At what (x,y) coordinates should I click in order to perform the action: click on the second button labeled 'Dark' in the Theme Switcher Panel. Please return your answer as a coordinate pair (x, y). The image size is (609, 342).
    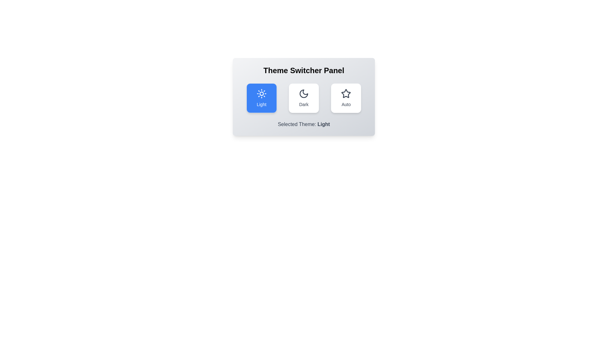
    Looking at the image, I should click on (304, 98).